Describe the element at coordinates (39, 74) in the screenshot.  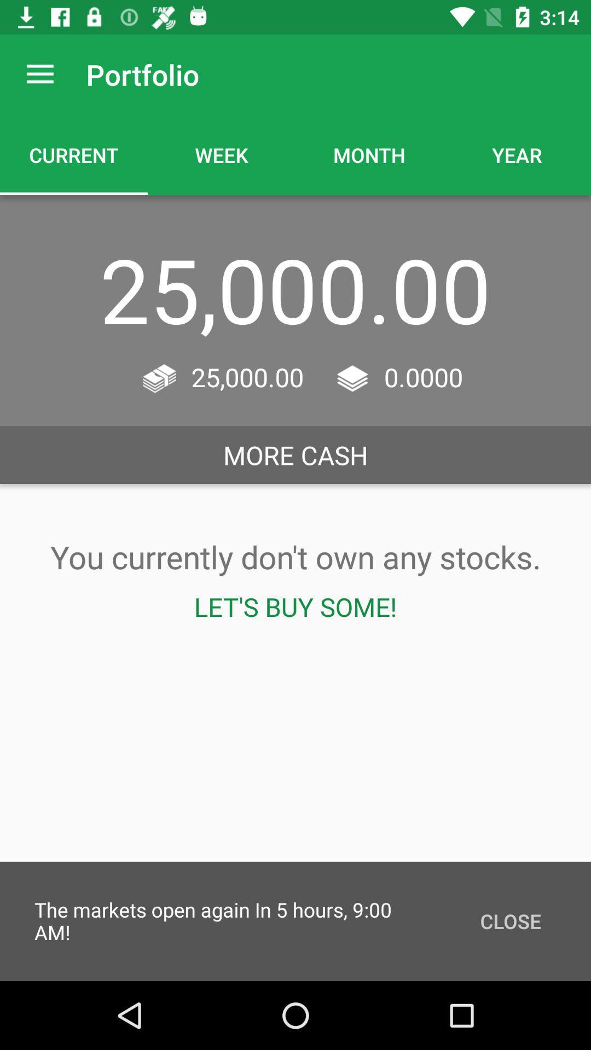
I see `the icon to the left of the portfolio item` at that location.